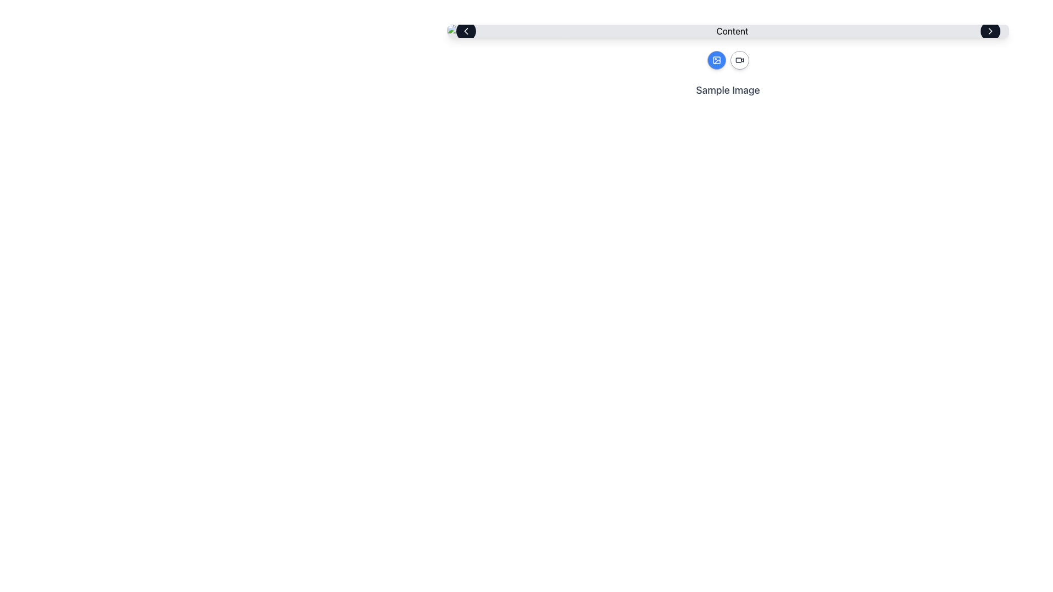 This screenshot has width=1053, height=592. What do you see at coordinates (990, 31) in the screenshot?
I see `the chevron SVG icon within the circular button on the far right side of the horizontal bar` at bounding box center [990, 31].